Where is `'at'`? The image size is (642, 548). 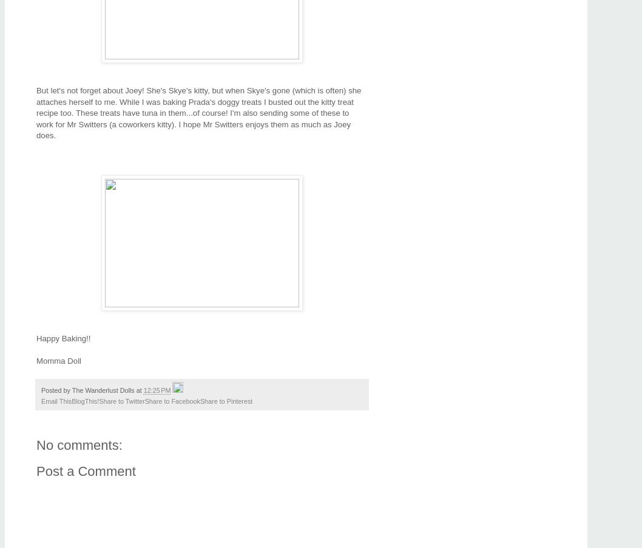
'at' is located at coordinates (140, 390).